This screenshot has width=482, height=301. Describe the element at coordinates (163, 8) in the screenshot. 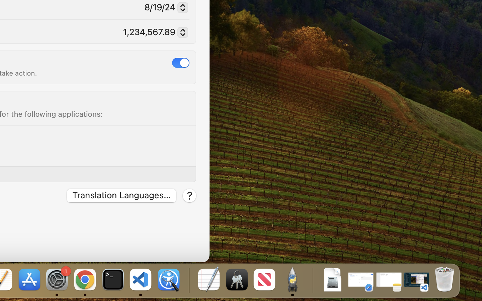

I see `'8/19/24'` at that location.